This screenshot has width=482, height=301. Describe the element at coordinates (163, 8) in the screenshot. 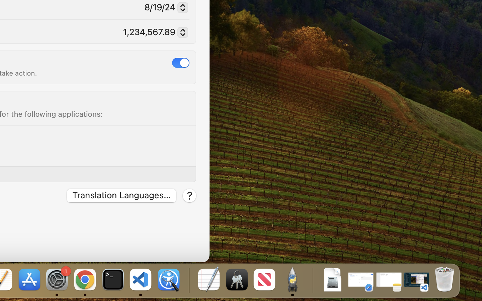

I see `'8/19/24'` at that location.